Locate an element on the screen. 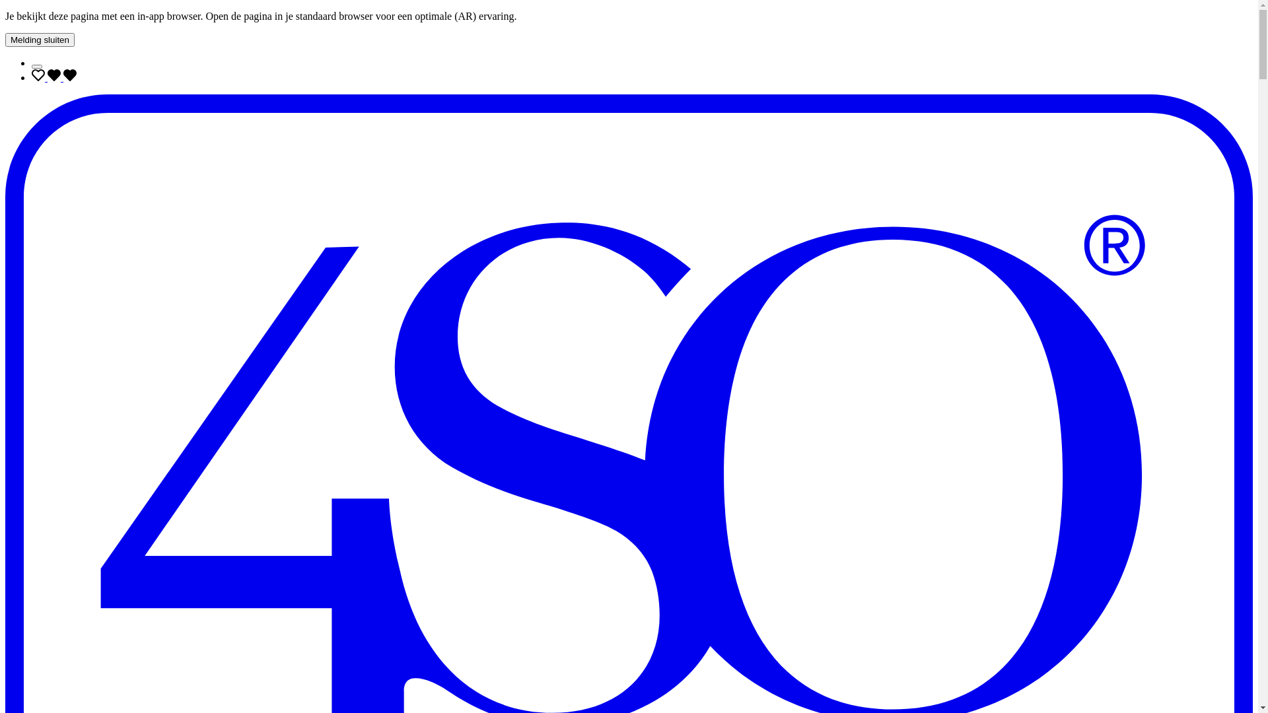 This screenshot has height=713, width=1268. 'Melding sluiten' is located at coordinates (40, 39).